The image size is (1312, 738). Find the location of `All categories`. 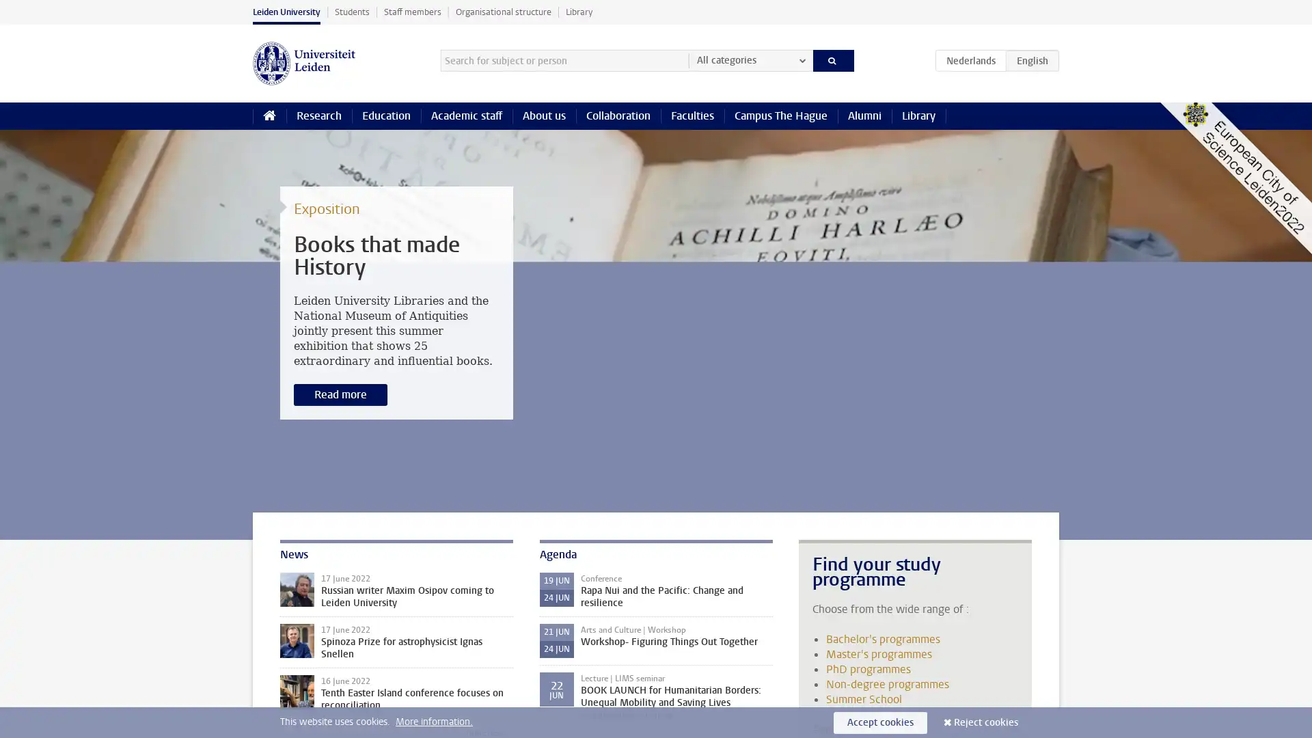

All categories is located at coordinates (750, 59).